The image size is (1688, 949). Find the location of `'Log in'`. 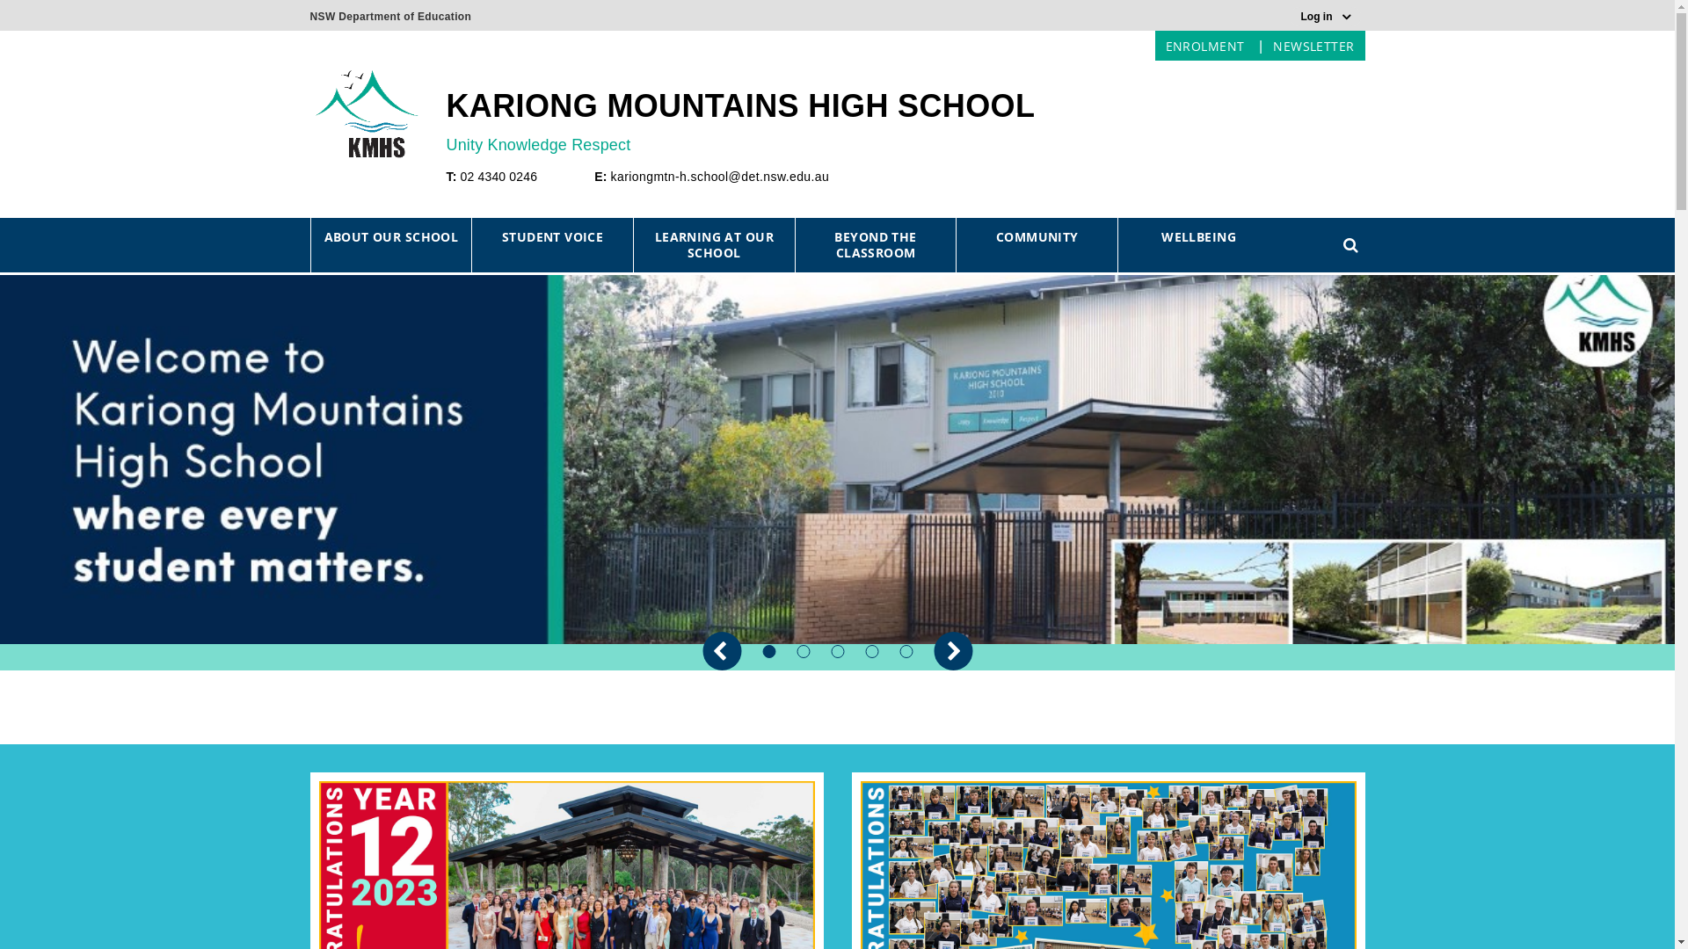

'Log in' is located at coordinates (1325, 17).